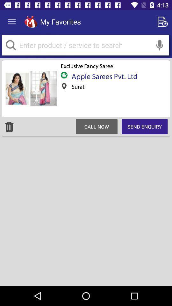  I want to click on the item on the left, so click(9, 126).